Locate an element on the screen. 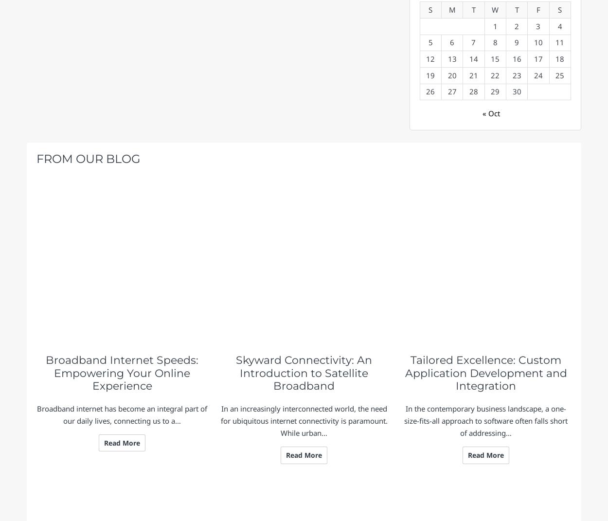  '16' is located at coordinates (517, 59).